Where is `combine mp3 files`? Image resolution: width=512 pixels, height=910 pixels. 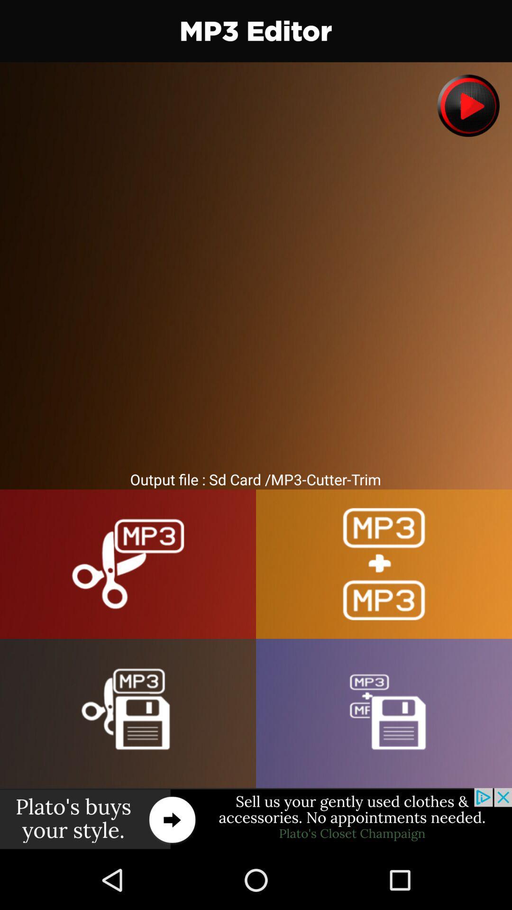 combine mp3 files is located at coordinates (384, 564).